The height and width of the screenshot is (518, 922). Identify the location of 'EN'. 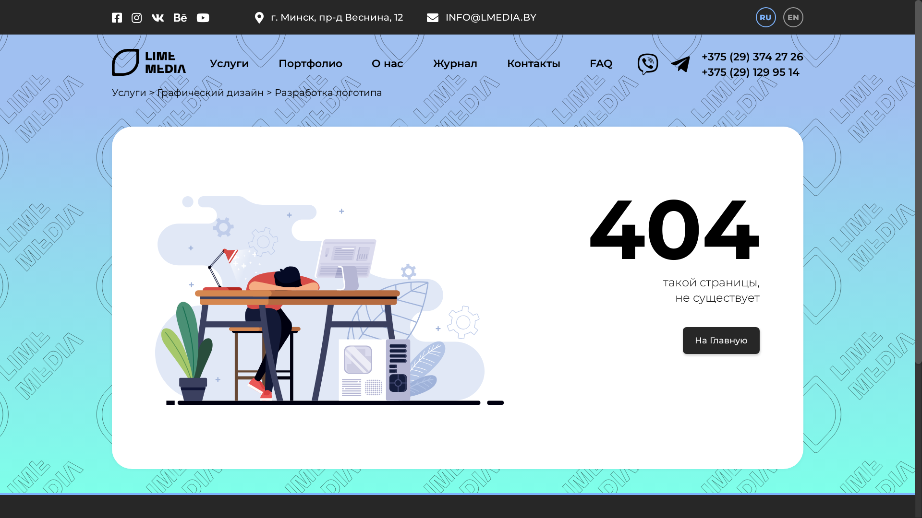
(793, 17).